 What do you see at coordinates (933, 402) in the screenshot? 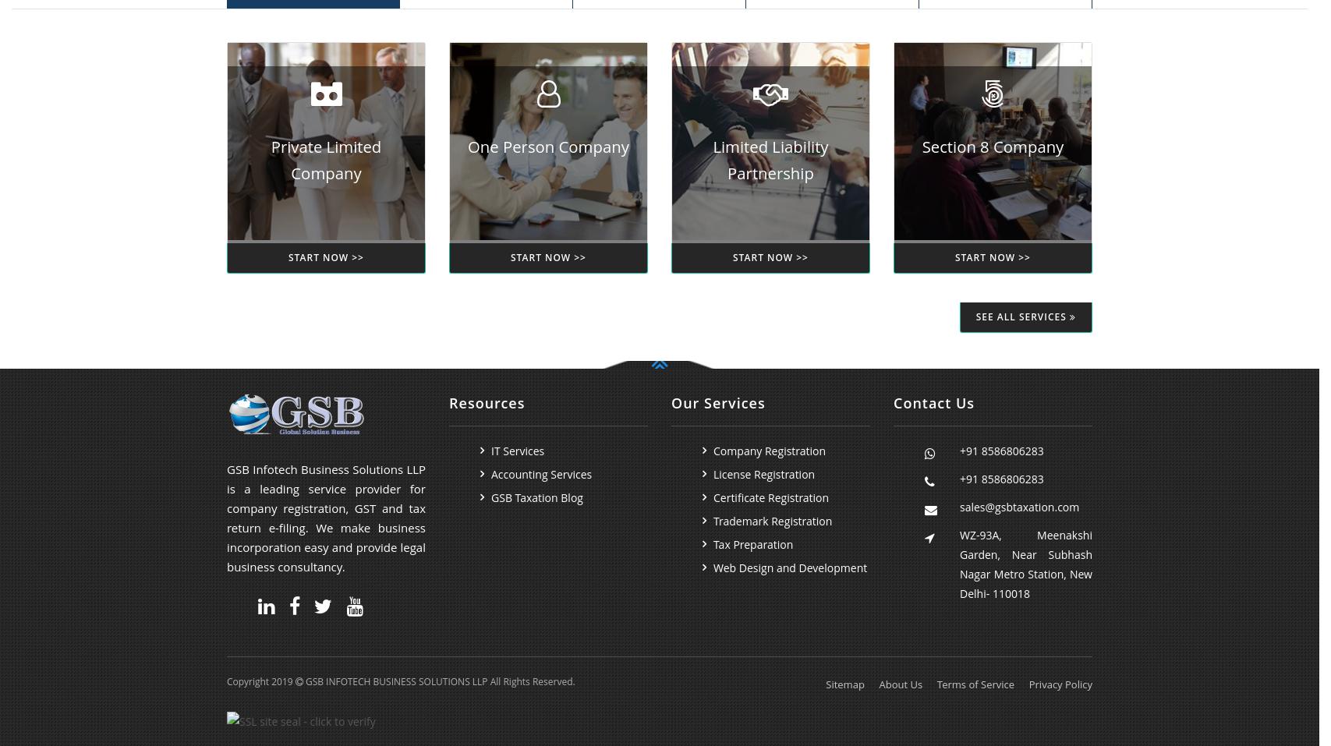
I see `'Contact Us'` at bounding box center [933, 402].